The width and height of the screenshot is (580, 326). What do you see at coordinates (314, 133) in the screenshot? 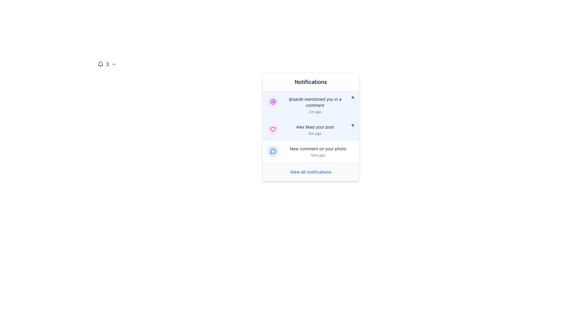
I see `the text label displaying '5m ago', which is styled in light gray and positioned beneath 'Alex liked your post' within the notification panel` at bounding box center [314, 133].